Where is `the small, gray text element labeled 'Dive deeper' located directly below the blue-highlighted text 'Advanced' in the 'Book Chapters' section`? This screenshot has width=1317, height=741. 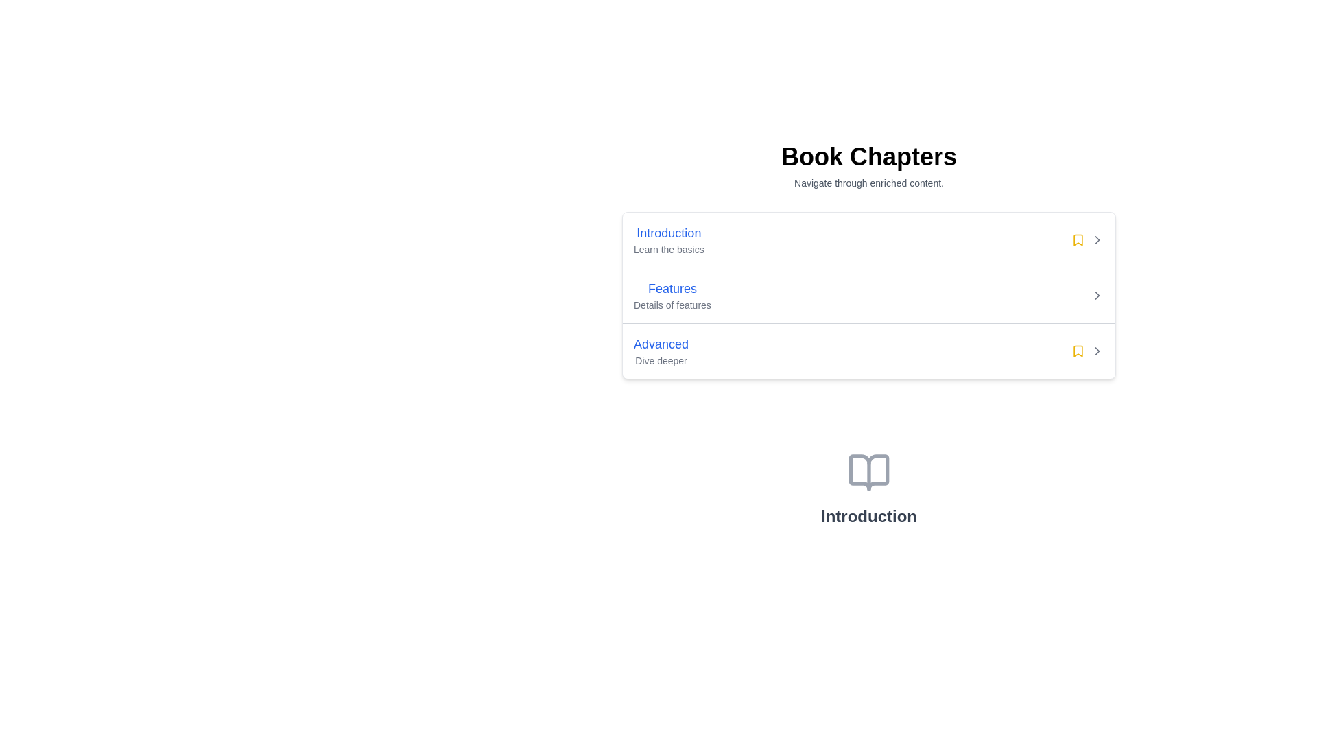 the small, gray text element labeled 'Dive deeper' located directly below the blue-highlighted text 'Advanced' in the 'Book Chapters' section is located at coordinates (661, 360).